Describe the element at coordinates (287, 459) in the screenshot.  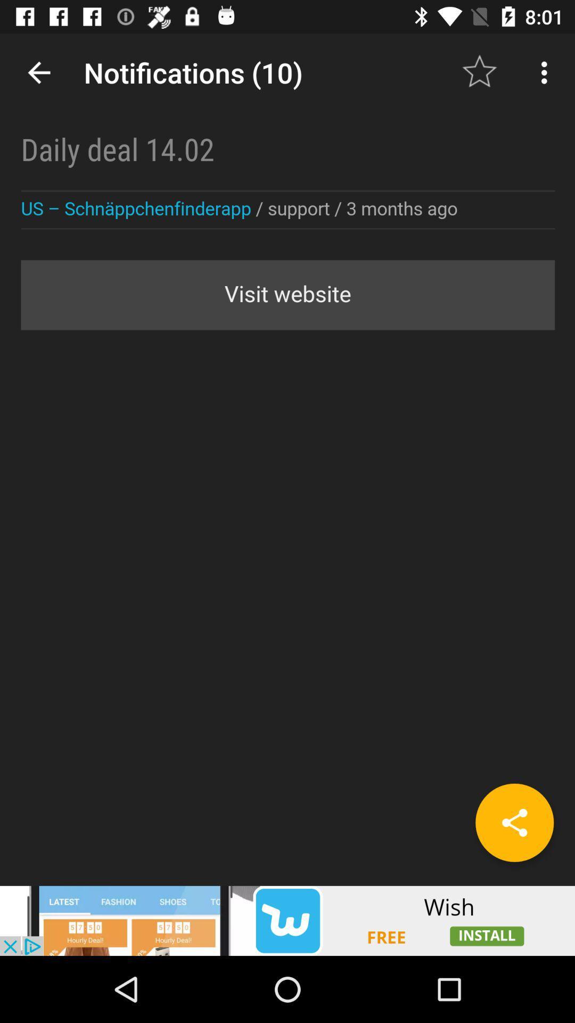
I see `notifications status` at that location.